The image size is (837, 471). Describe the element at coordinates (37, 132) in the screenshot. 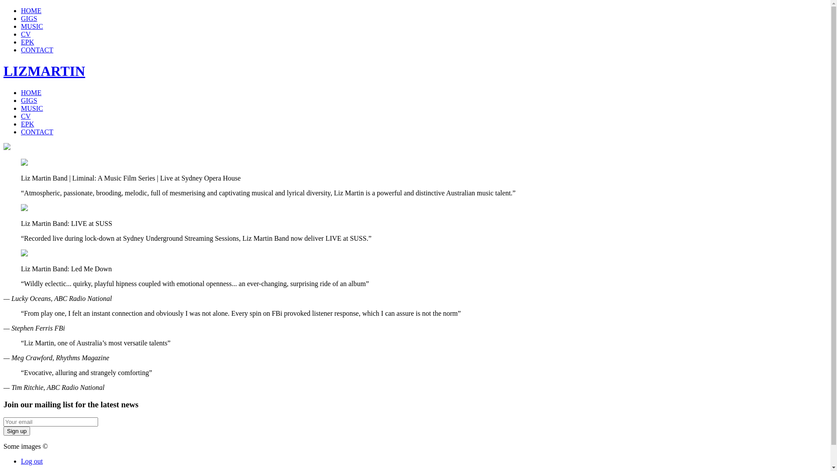

I see `'CONTACT'` at that location.